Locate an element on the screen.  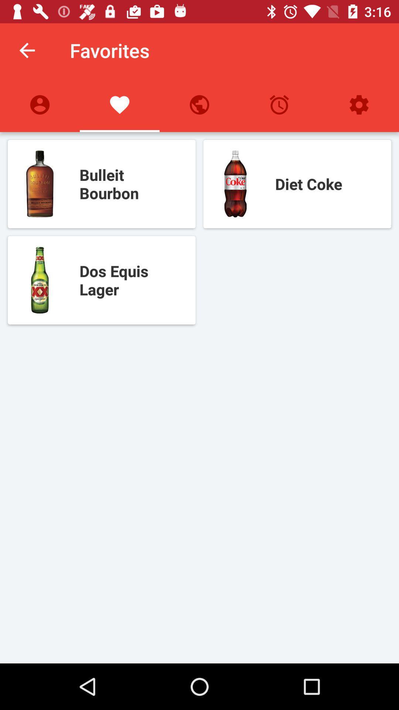
item to the left of the favorites item is located at coordinates (27, 50).